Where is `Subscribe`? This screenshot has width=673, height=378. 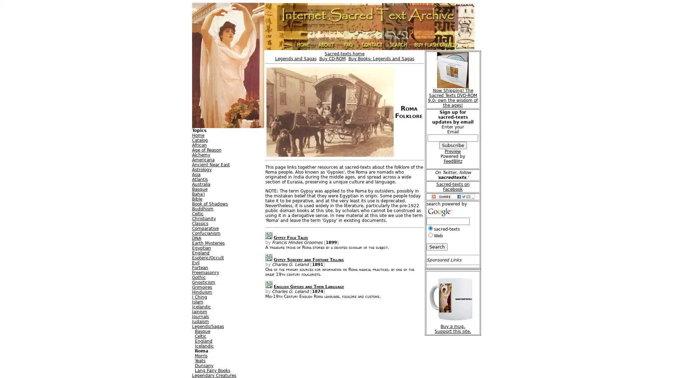 Subscribe is located at coordinates (453, 145).